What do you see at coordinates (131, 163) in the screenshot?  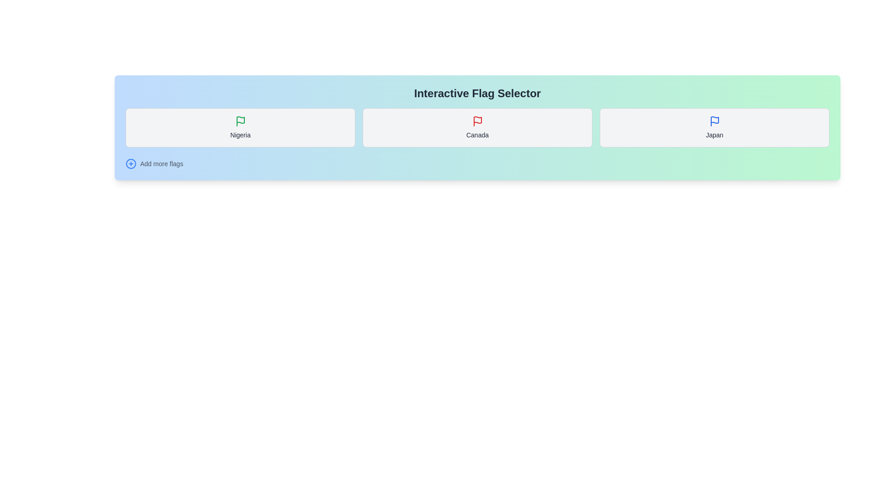 I see `the 'Add more flags' button to display additional options` at bounding box center [131, 163].